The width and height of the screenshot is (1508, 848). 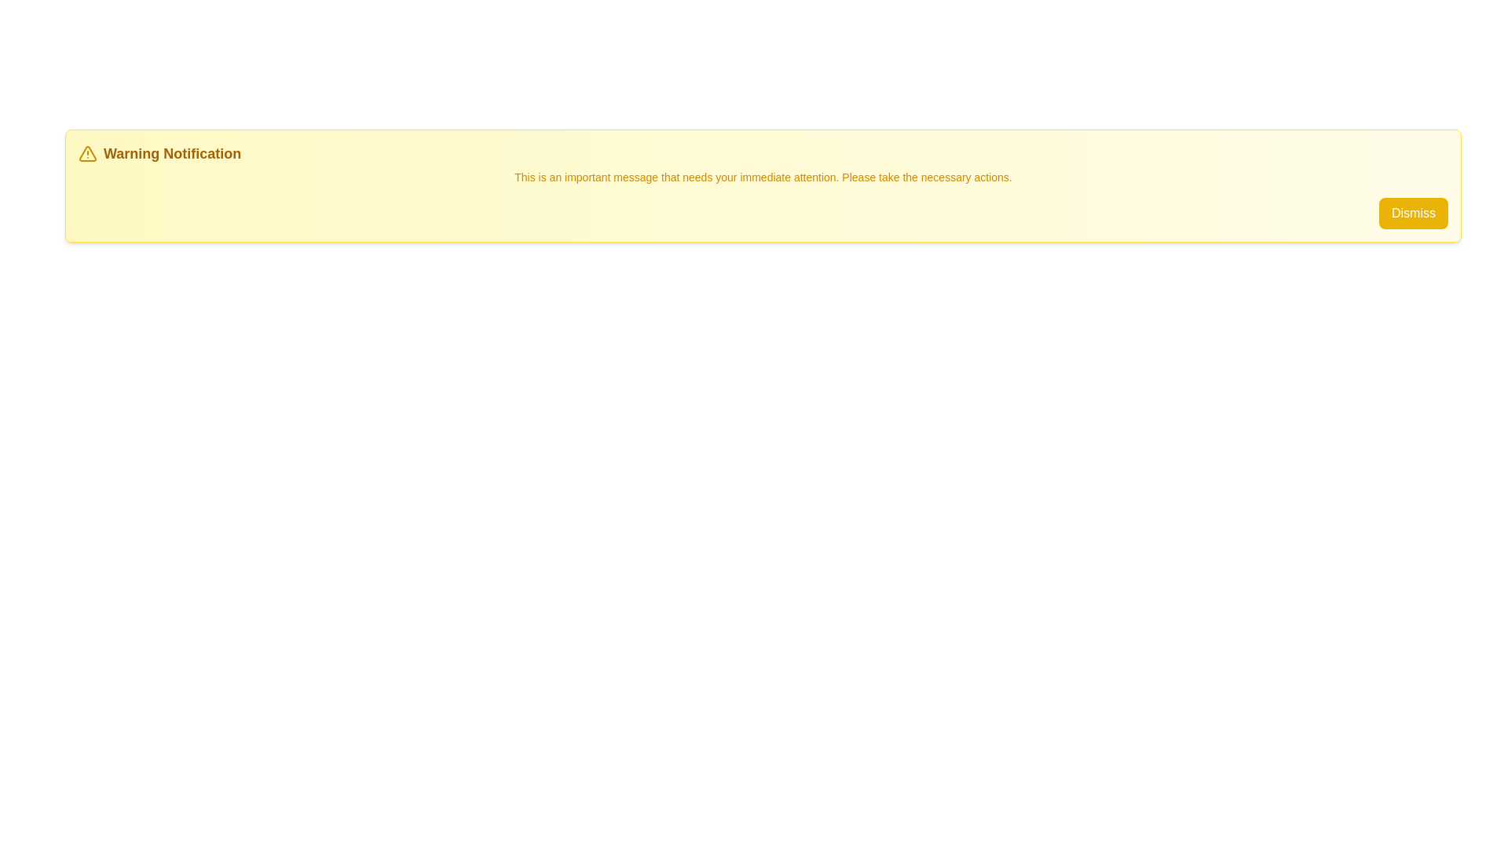 I want to click on the warning icon located on the left side of the yellow notification banner adjacent to the text 'Warning Notification', so click(x=86, y=154).